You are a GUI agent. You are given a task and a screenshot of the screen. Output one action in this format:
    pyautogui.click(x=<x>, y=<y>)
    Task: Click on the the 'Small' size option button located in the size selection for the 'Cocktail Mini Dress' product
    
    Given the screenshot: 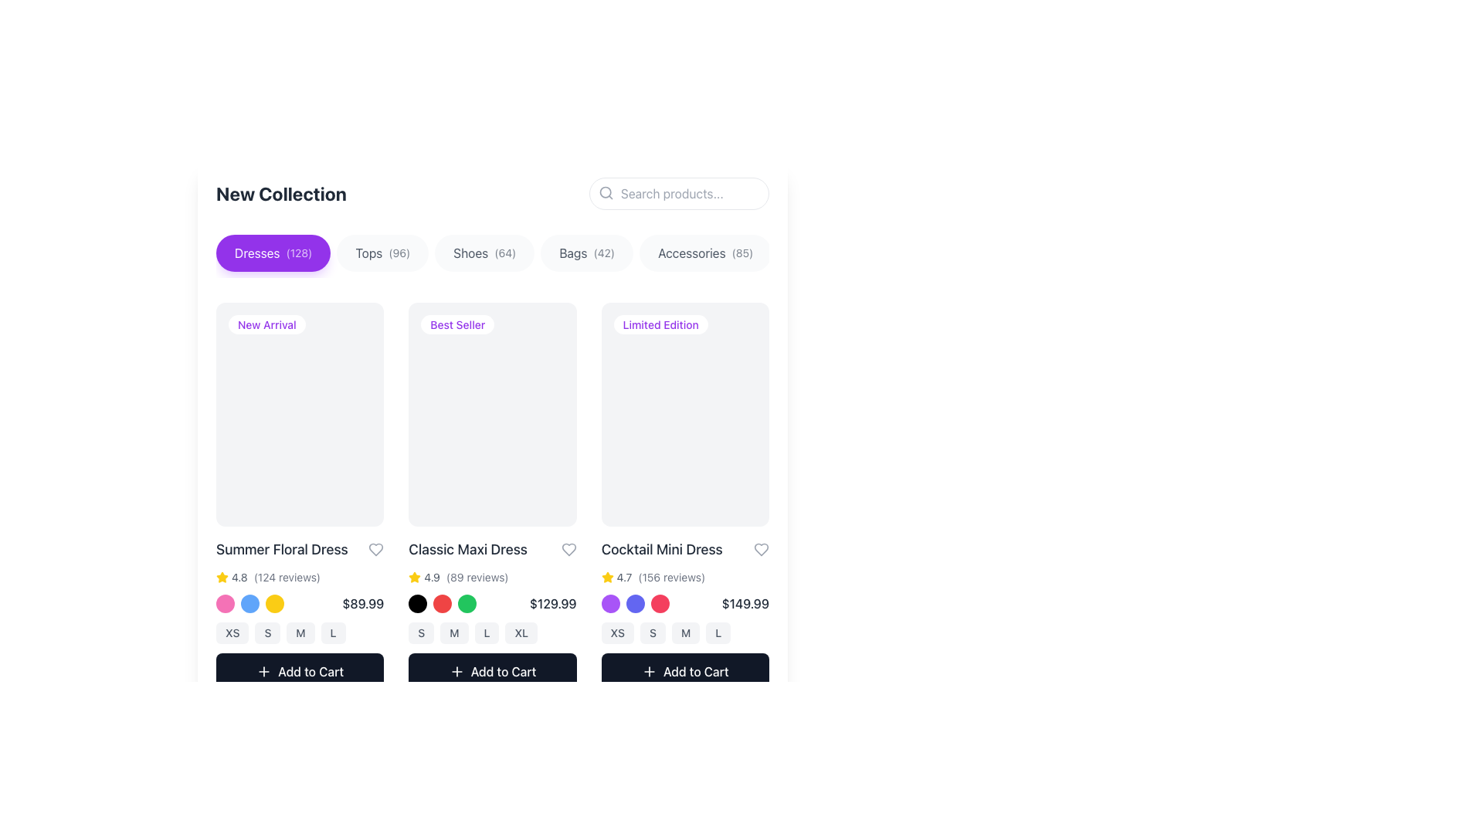 What is the action you would take?
    pyautogui.click(x=653, y=632)
    